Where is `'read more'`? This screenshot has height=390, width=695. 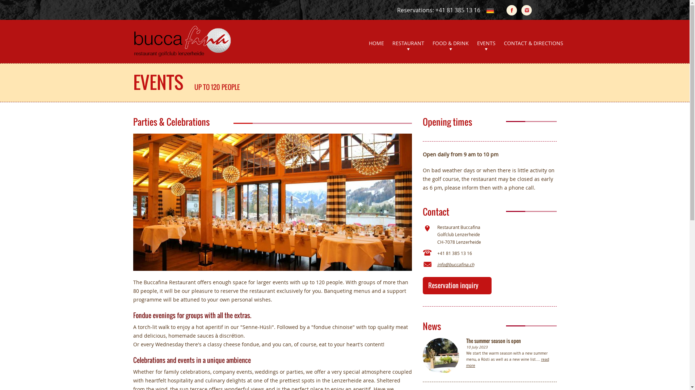
'read more' is located at coordinates (507, 362).